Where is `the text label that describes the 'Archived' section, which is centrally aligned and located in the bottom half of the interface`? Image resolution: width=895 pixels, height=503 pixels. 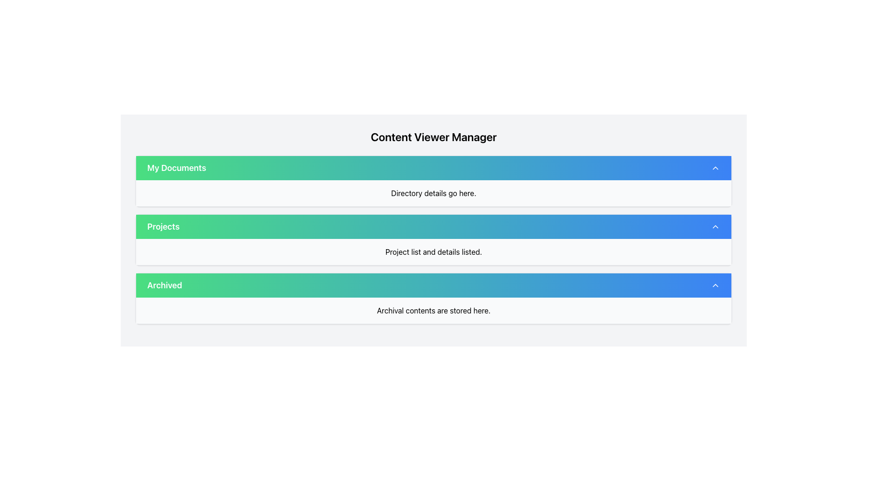 the text label that describes the 'Archived' section, which is centrally aligned and located in the bottom half of the interface is located at coordinates (433, 311).